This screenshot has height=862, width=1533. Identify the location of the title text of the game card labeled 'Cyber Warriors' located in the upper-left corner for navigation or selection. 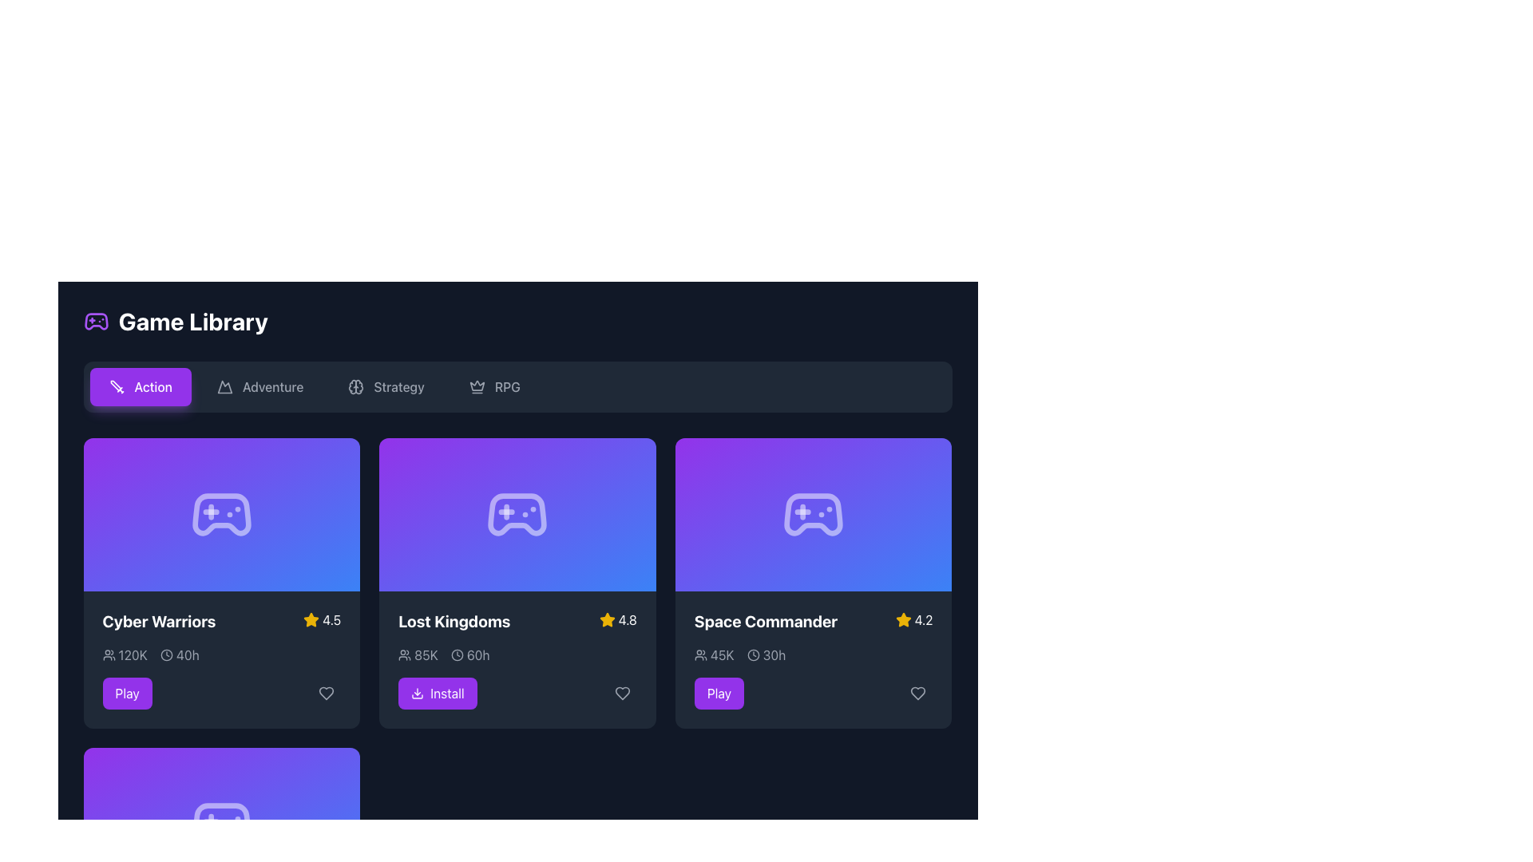
(159, 621).